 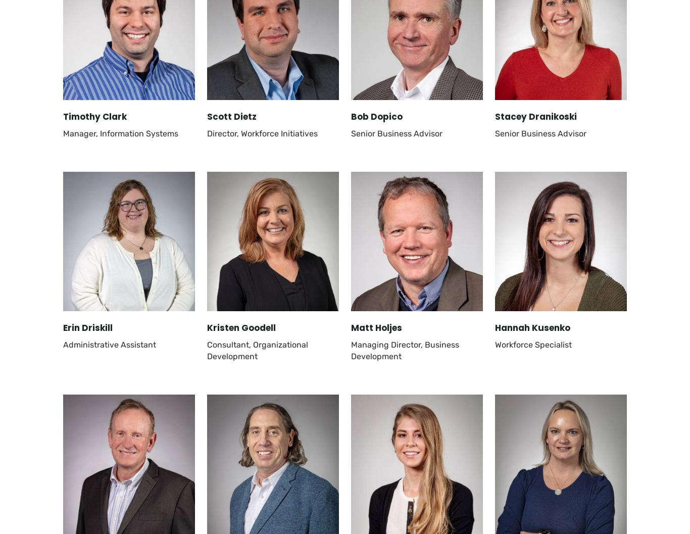 What do you see at coordinates (102, 186) in the screenshot?
I see `'Pittsburgh, PA 15207'` at bounding box center [102, 186].